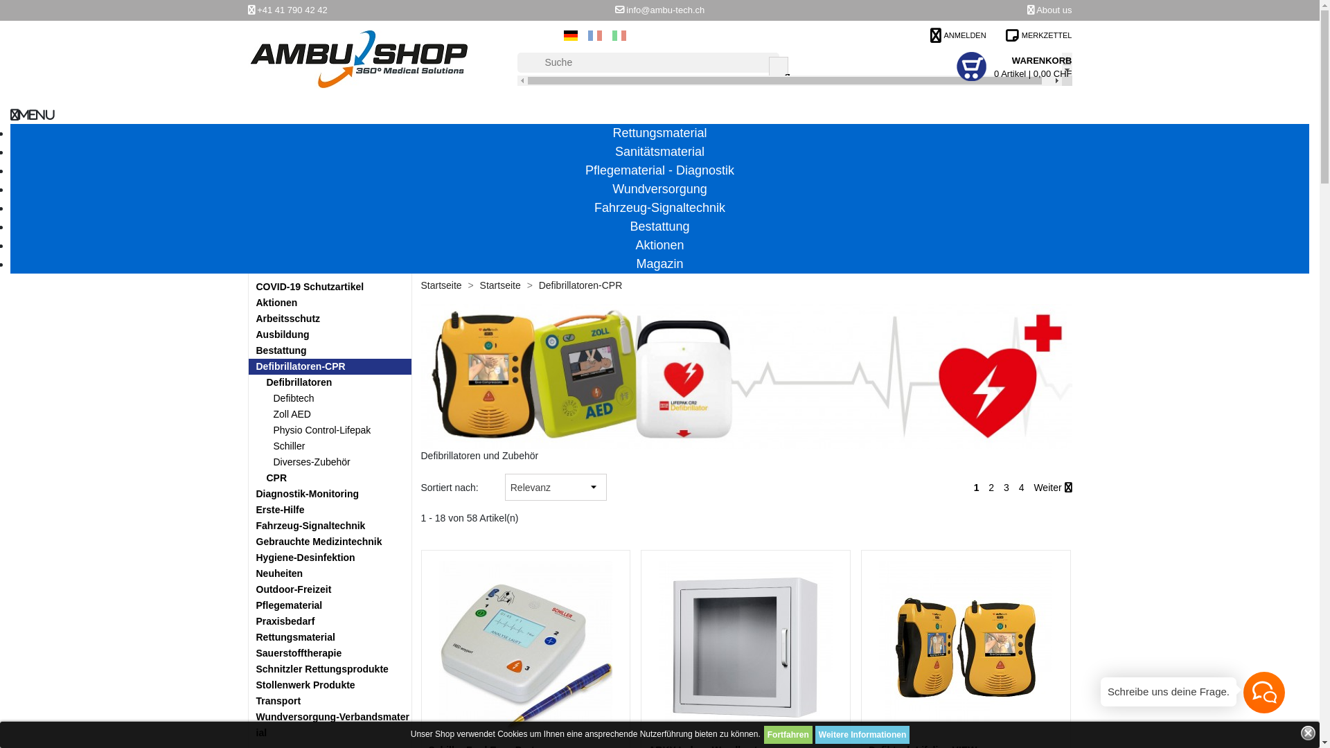 The width and height of the screenshot is (1330, 748). Describe the element at coordinates (501, 285) in the screenshot. I see `'Startseite'` at that location.